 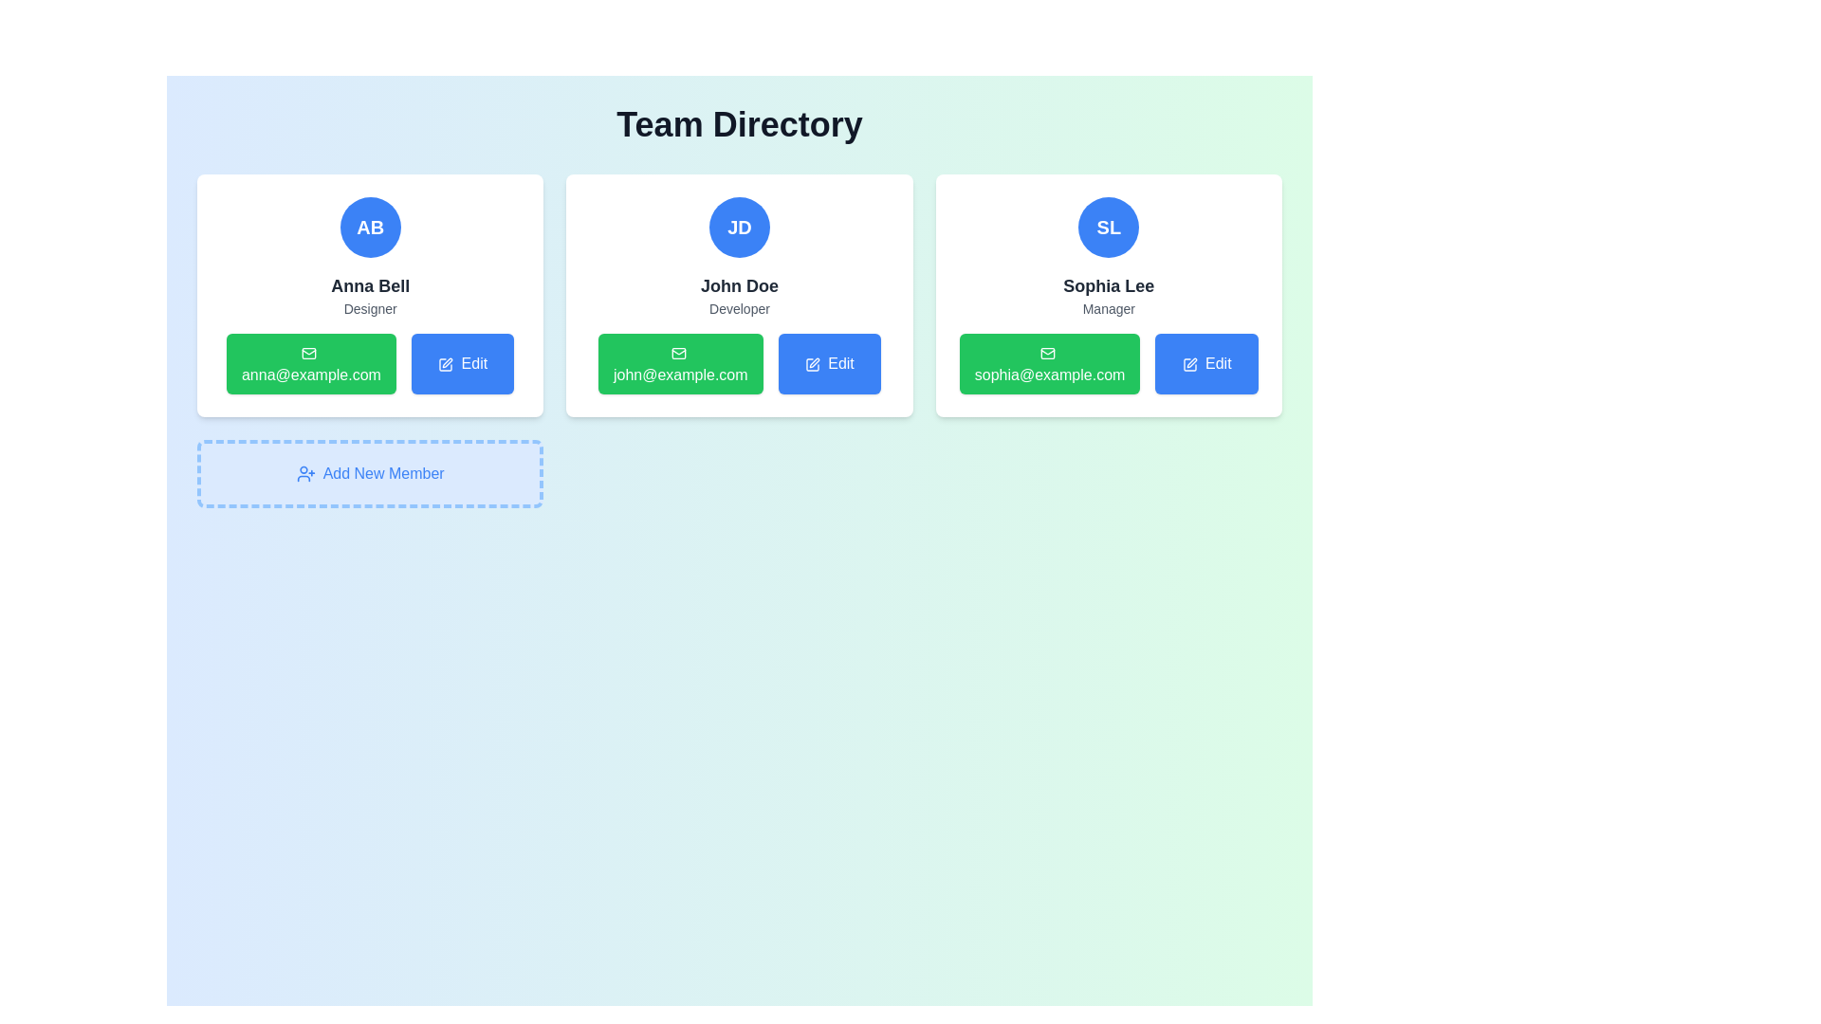 What do you see at coordinates (370, 296) in the screenshot?
I see `the profile details of the first team member summary card located in the top-left corner of the grid layout` at bounding box center [370, 296].